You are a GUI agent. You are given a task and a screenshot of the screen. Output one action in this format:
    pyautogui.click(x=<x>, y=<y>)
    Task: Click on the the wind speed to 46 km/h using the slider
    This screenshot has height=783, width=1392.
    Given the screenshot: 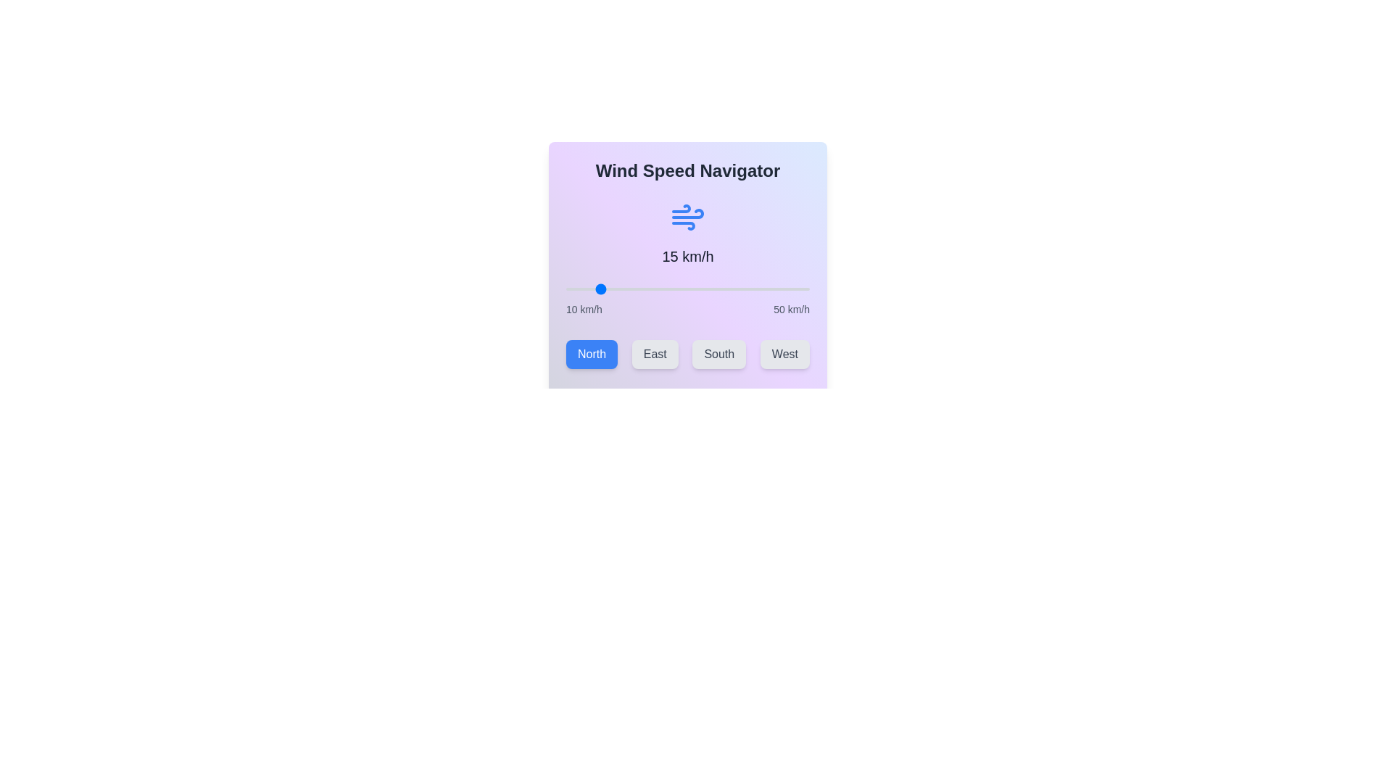 What is the action you would take?
    pyautogui.click(x=784, y=289)
    